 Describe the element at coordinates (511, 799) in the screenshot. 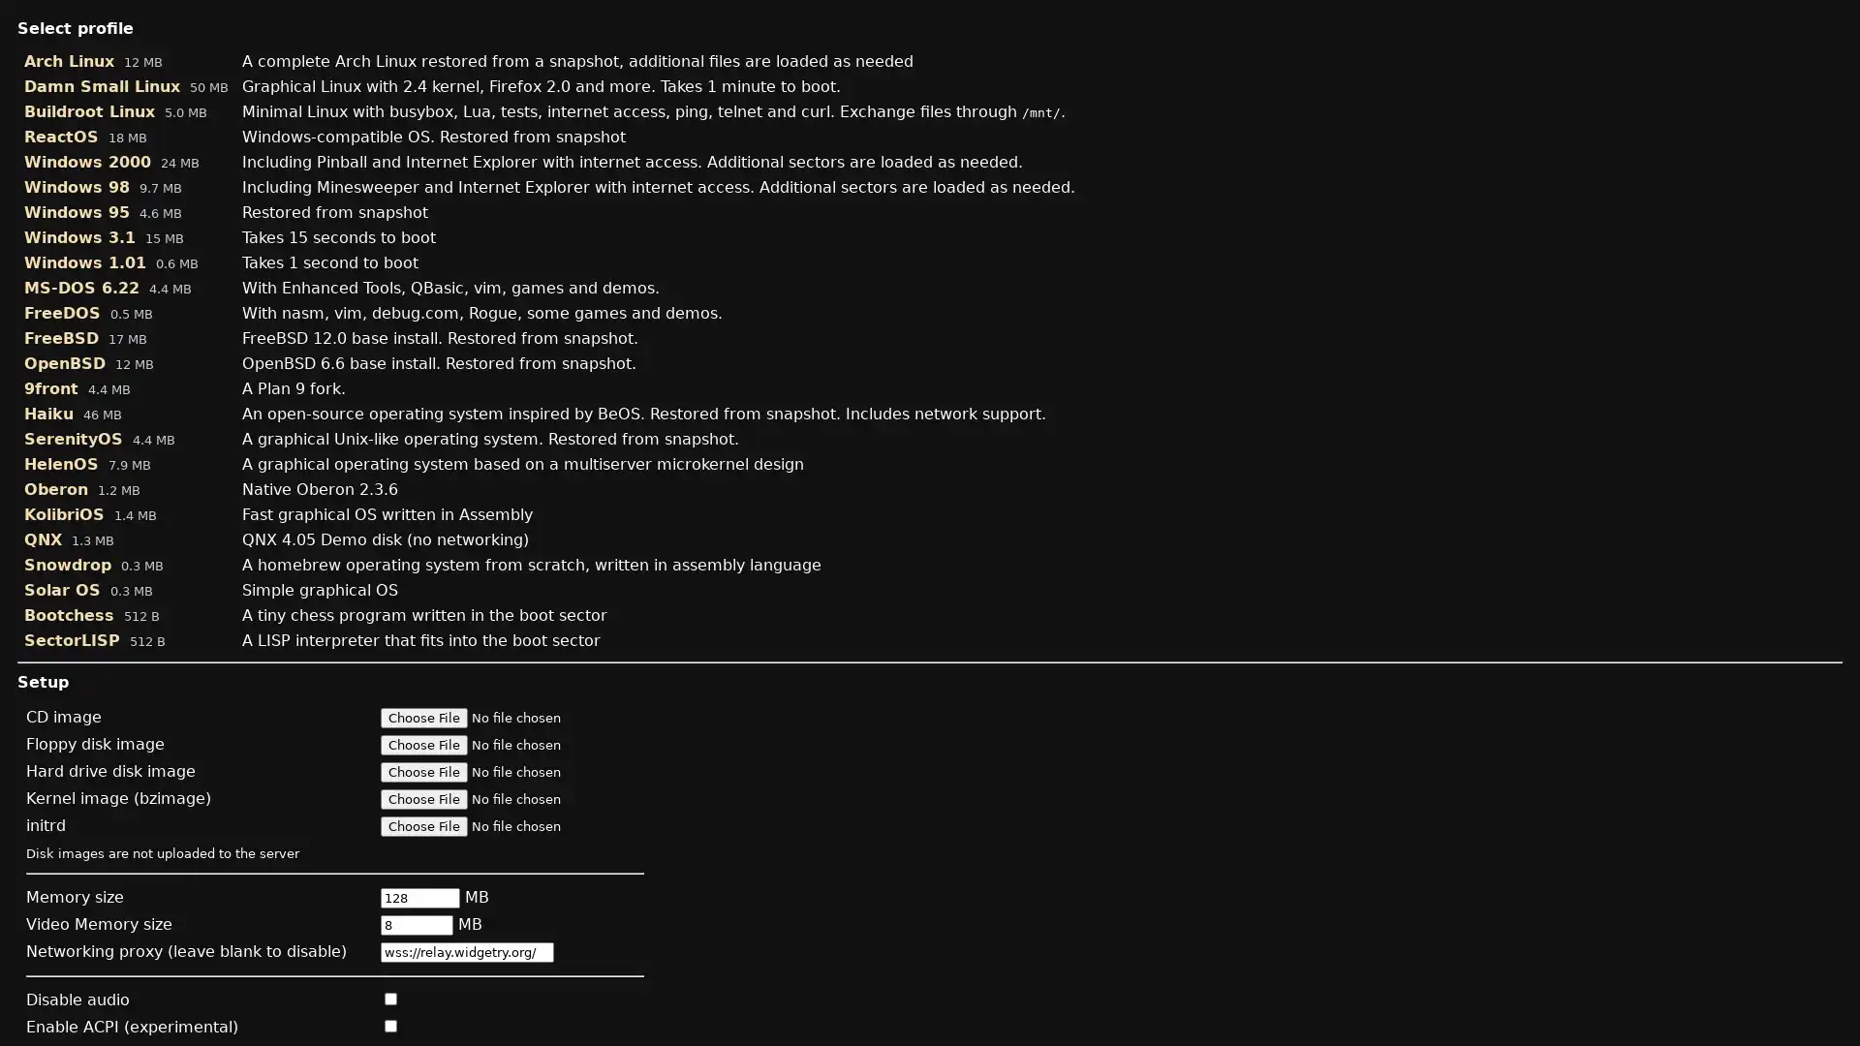

I see `Kernel image (bzimage)` at that location.